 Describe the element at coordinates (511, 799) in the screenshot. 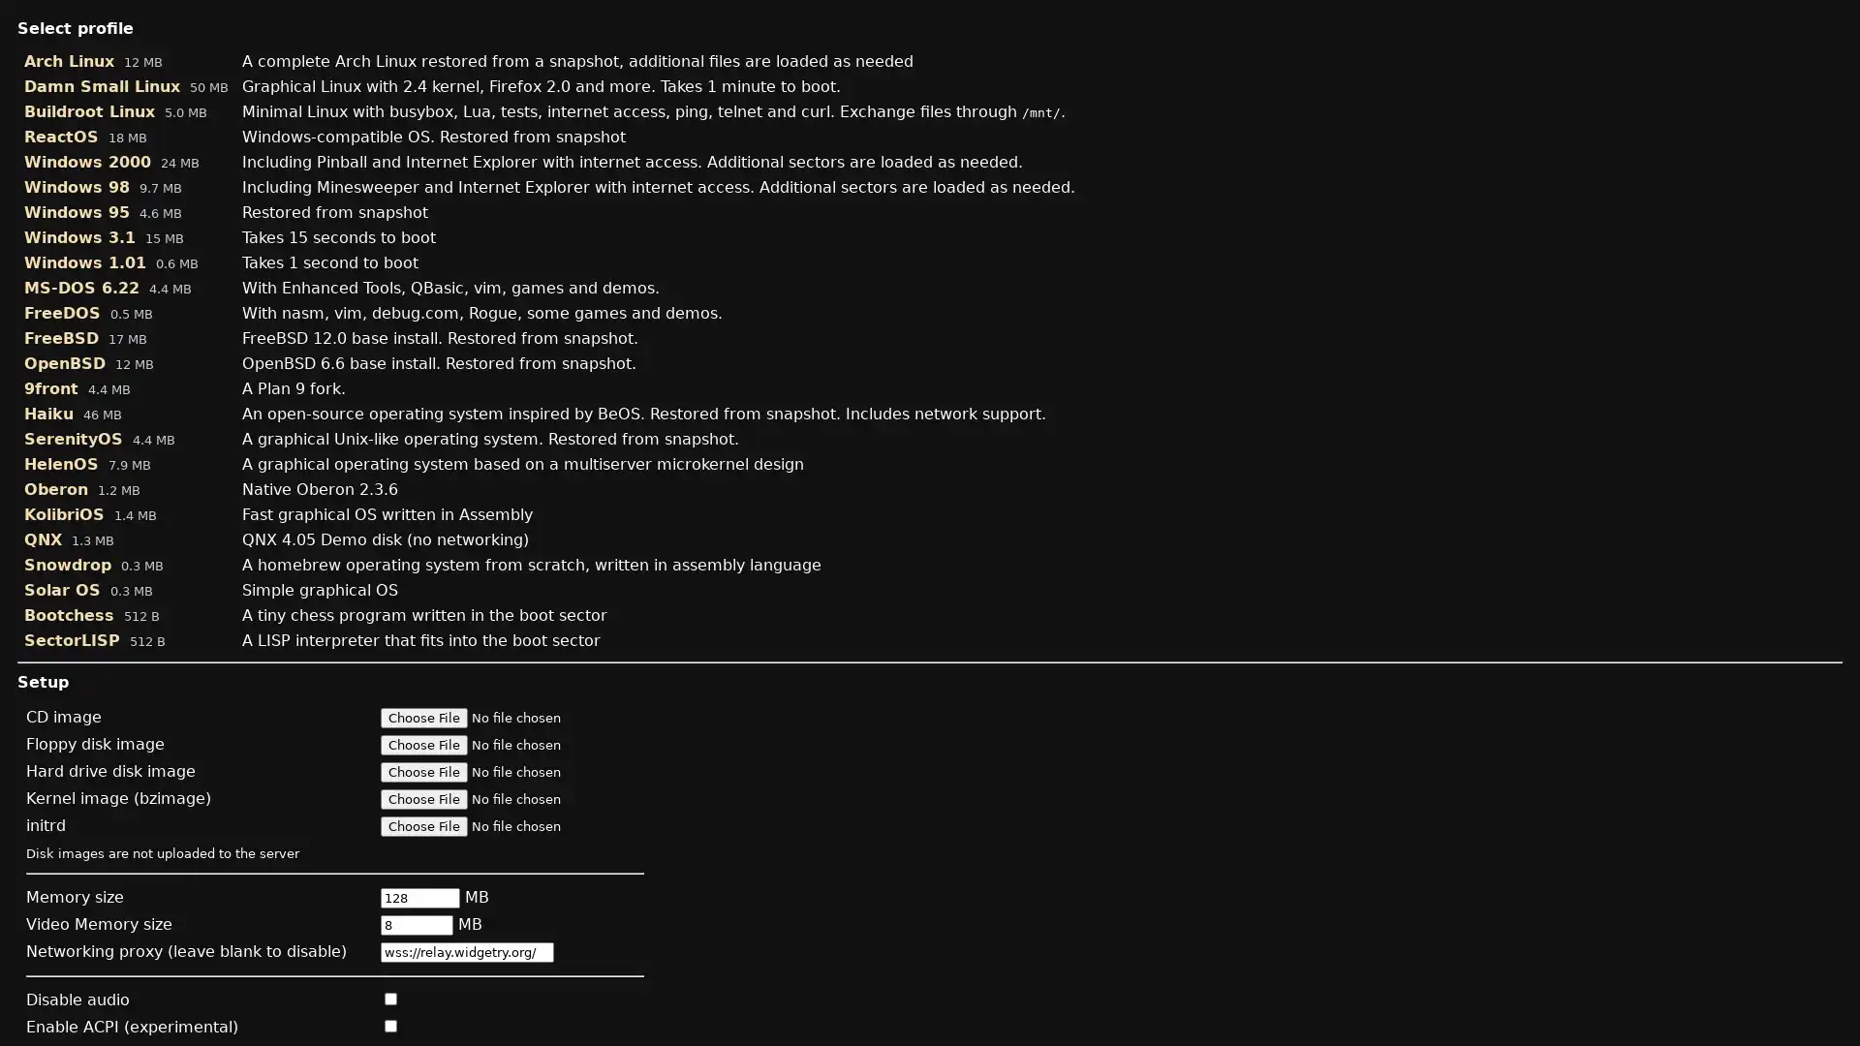

I see `Kernel image (bzimage)` at that location.